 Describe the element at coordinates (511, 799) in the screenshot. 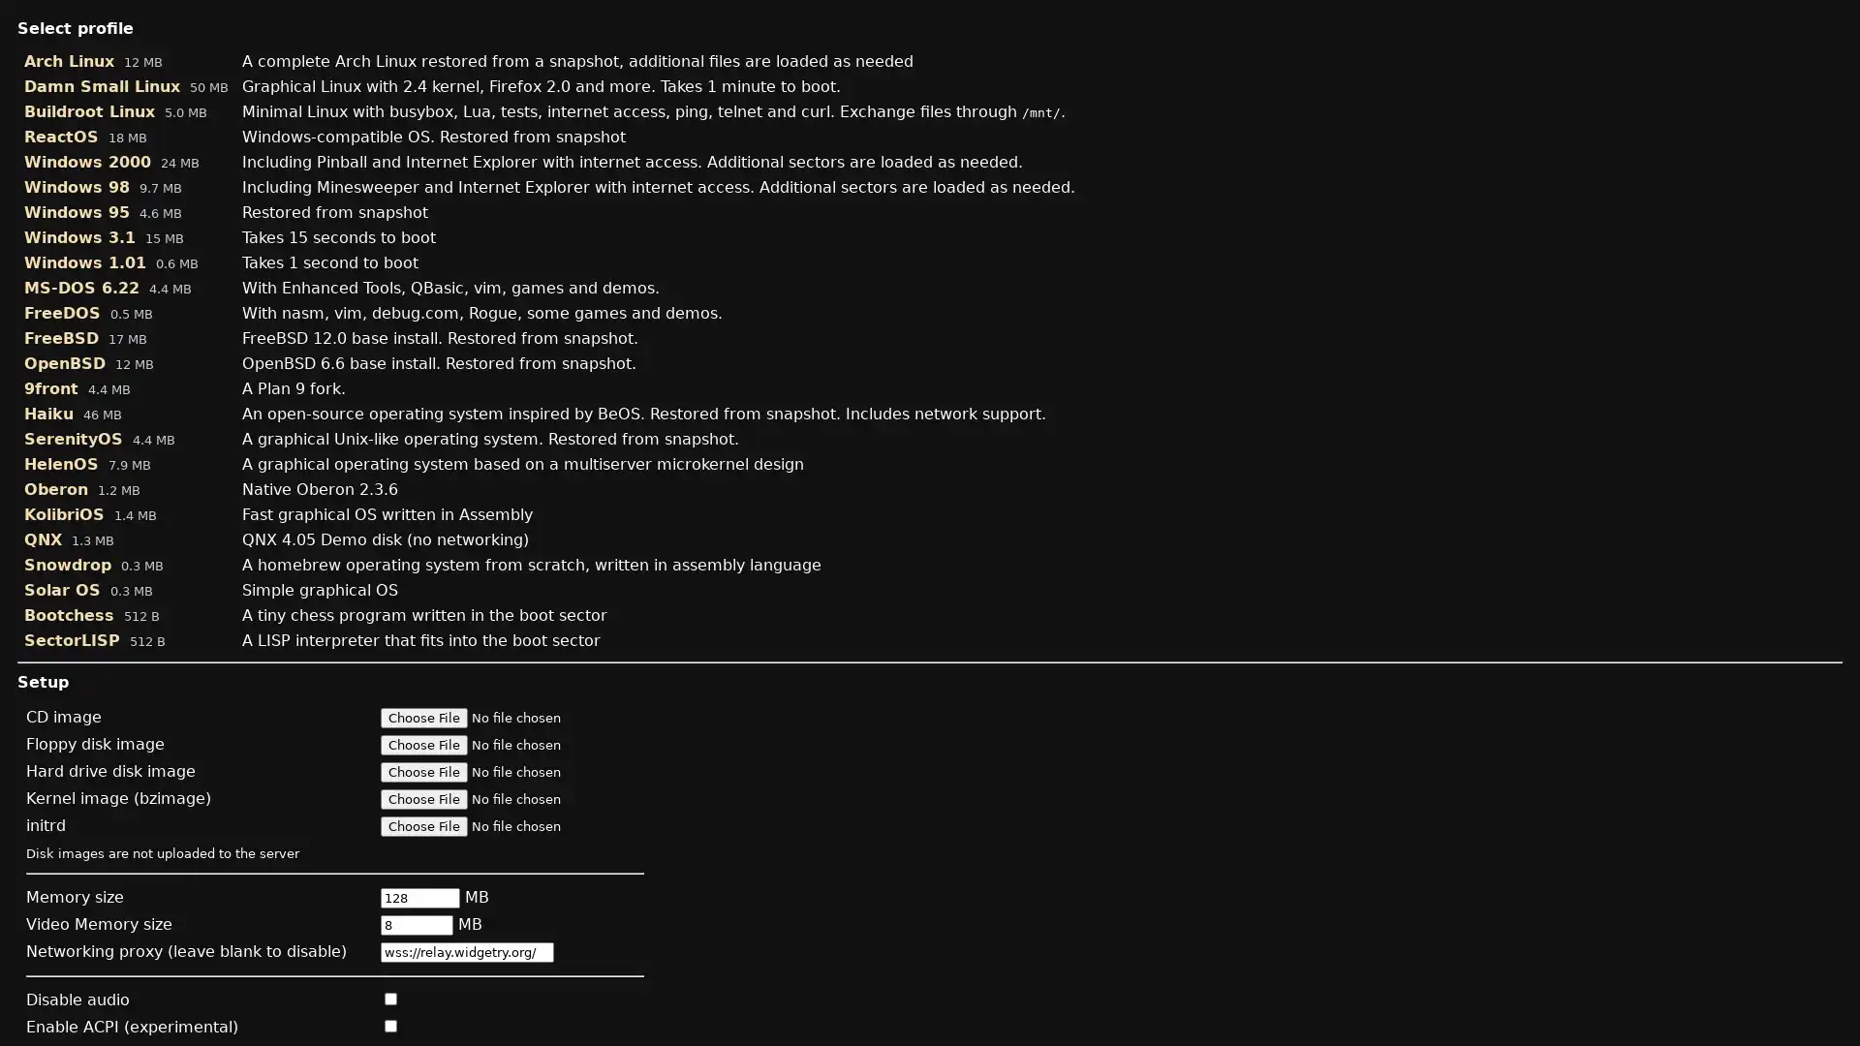

I see `Kernel image (bzimage)` at that location.